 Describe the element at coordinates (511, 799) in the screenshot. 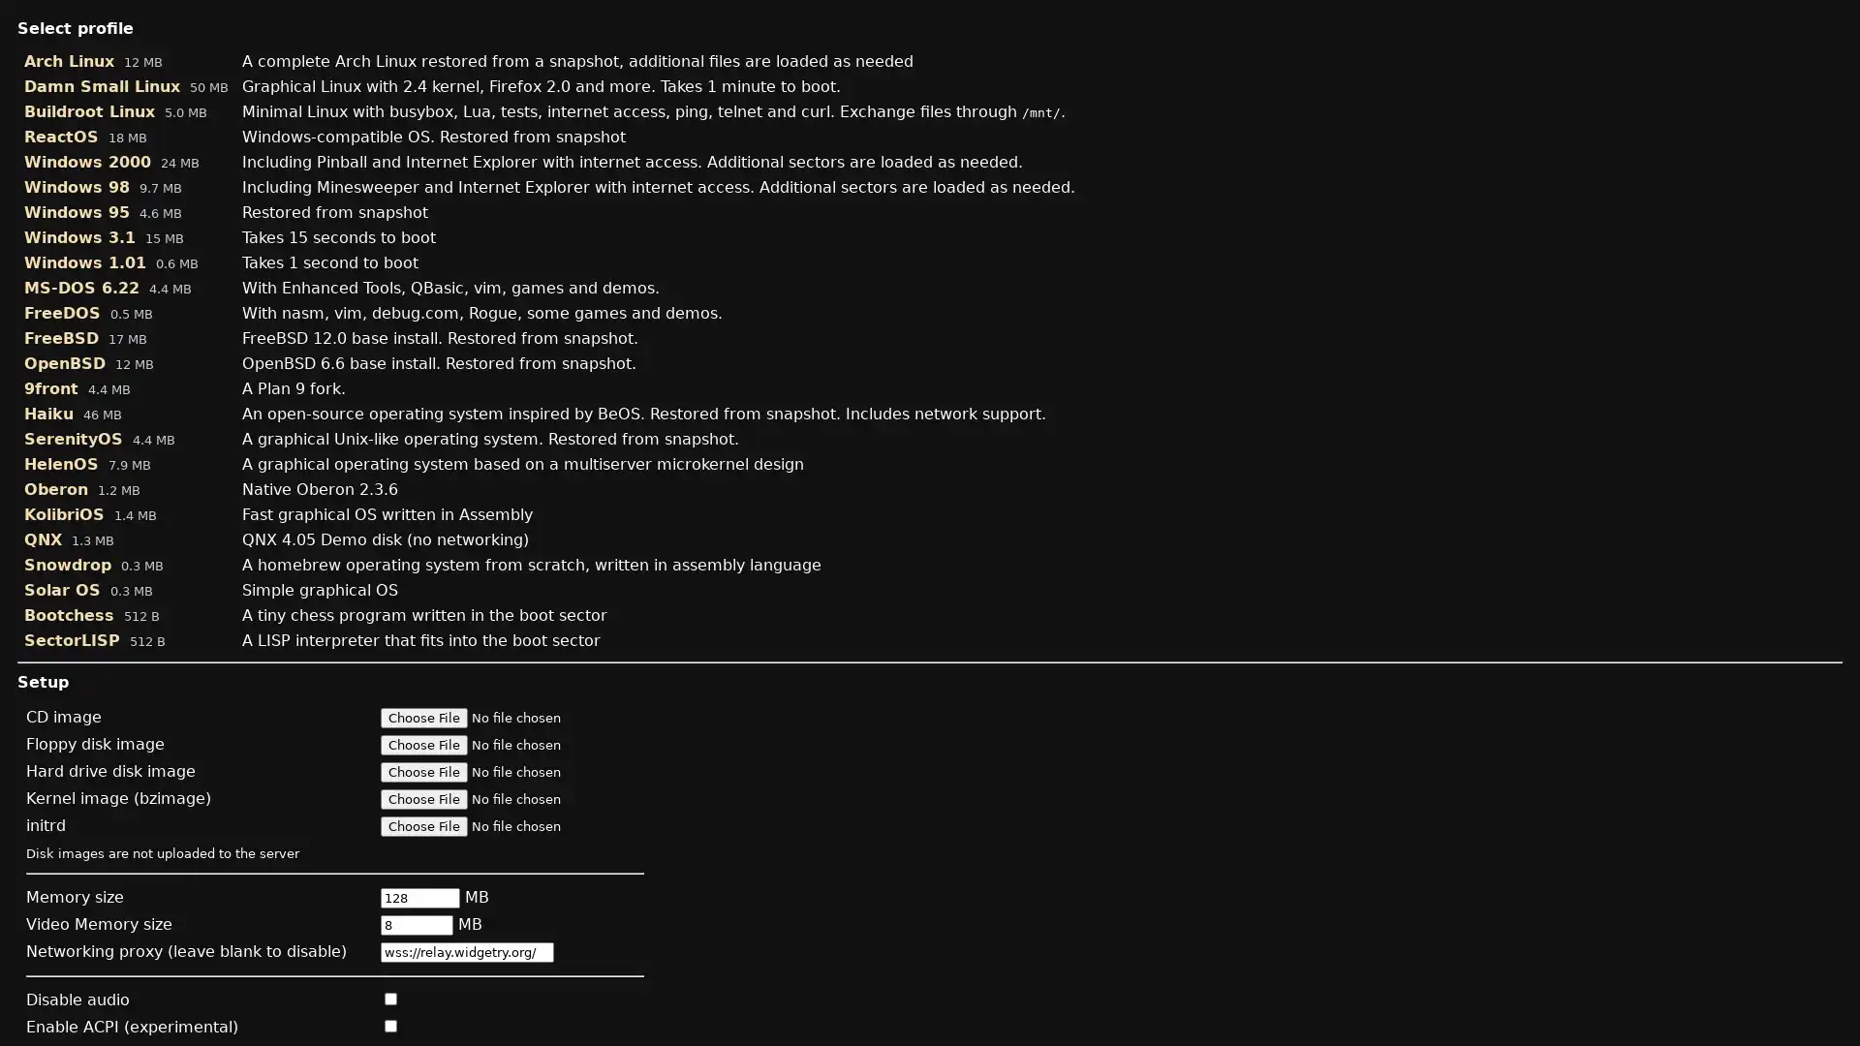

I see `Kernel image (bzimage)` at that location.